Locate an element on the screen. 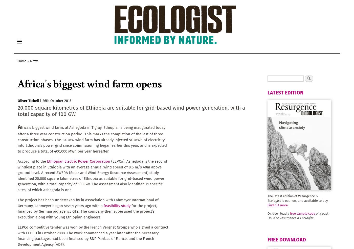  'The project has been undertaken by in association with Lahmeyer International of Germany. Lahmeyer began seven years ago with a' is located at coordinates (88, 203).